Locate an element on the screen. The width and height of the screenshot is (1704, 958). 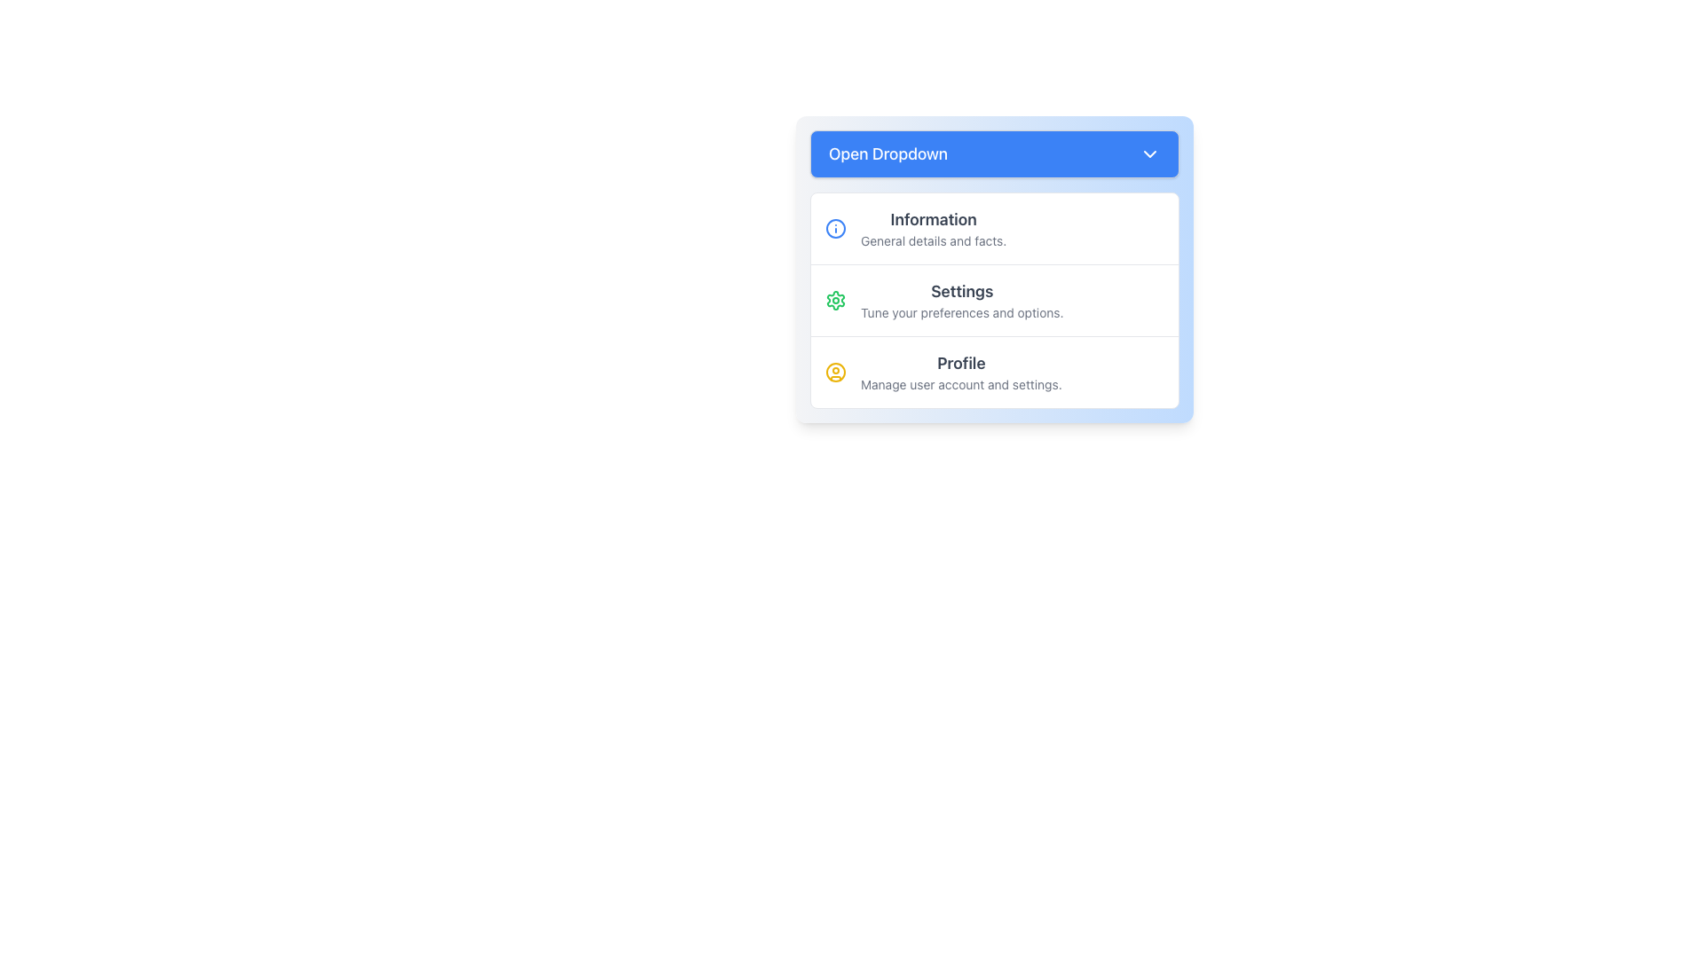
the first list item in the dropdown menu, which features a blue circular icon with an 'i' symbol and the title 'Information' is located at coordinates (995, 228).